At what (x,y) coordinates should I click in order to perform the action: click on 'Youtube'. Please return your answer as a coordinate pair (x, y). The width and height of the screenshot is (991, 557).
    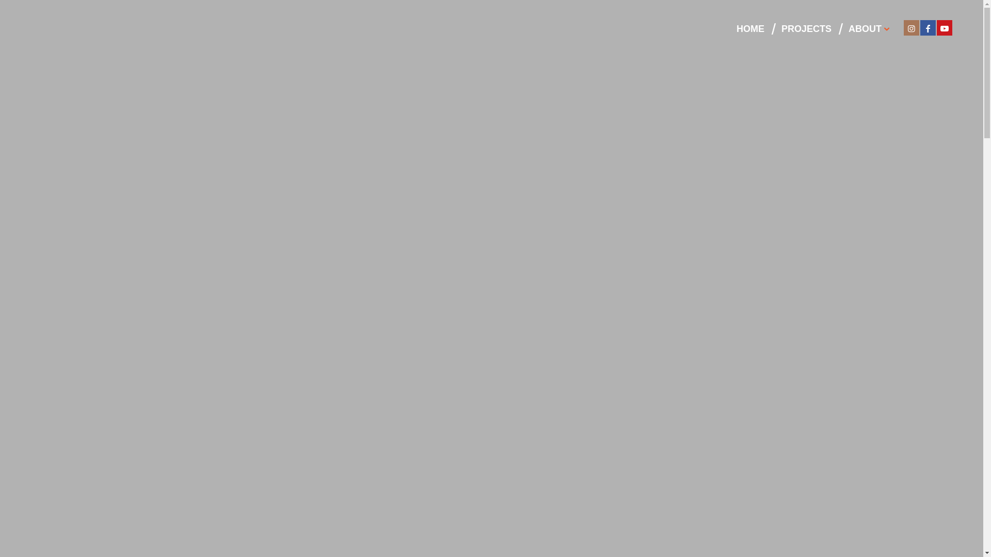
    Looking at the image, I should click on (944, 27).